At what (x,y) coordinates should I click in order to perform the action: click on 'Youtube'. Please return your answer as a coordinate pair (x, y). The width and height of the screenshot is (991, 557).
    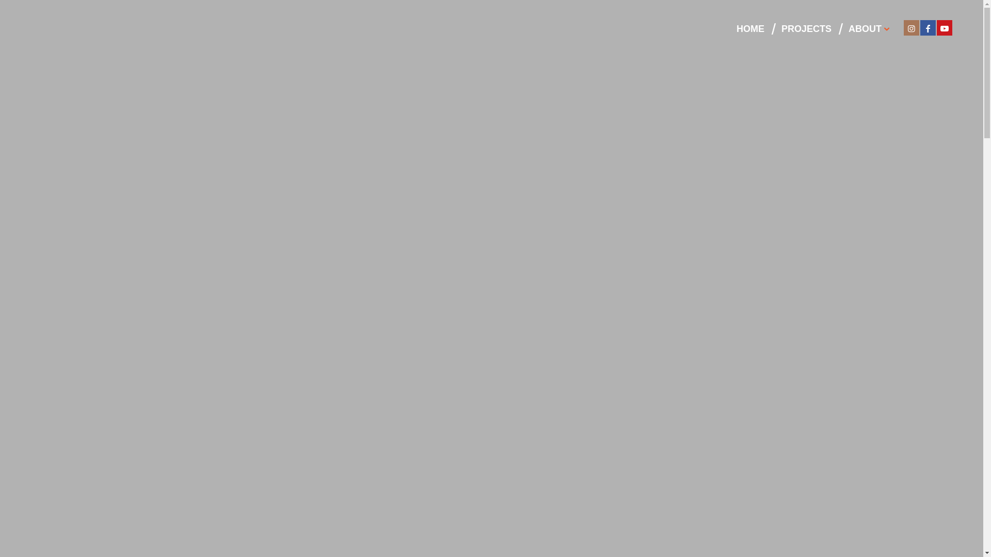
    Looking at the image, I should click on (944, 27).